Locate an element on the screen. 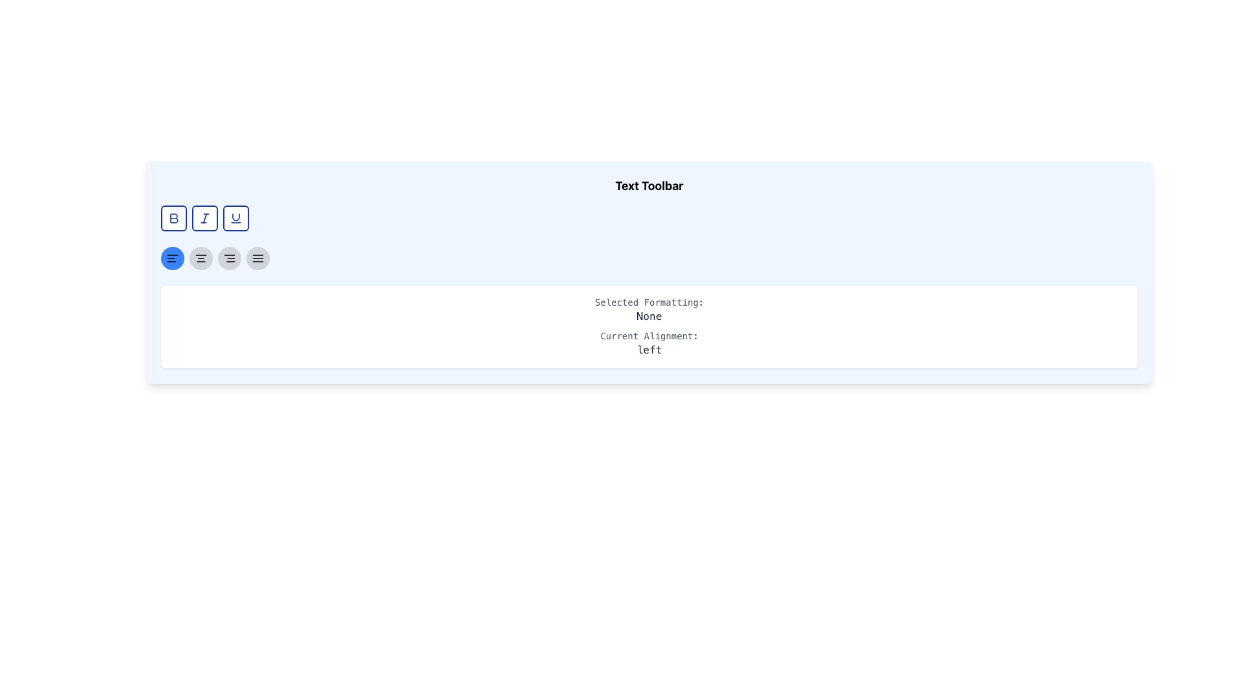 This screenshot has height=698, width=1242. the circular button with a light gray background and a centered icon representing 'justify text' alignment, which is the fifth button in the horizontal toolbar of alignment options is located at coordinates (257, 259).